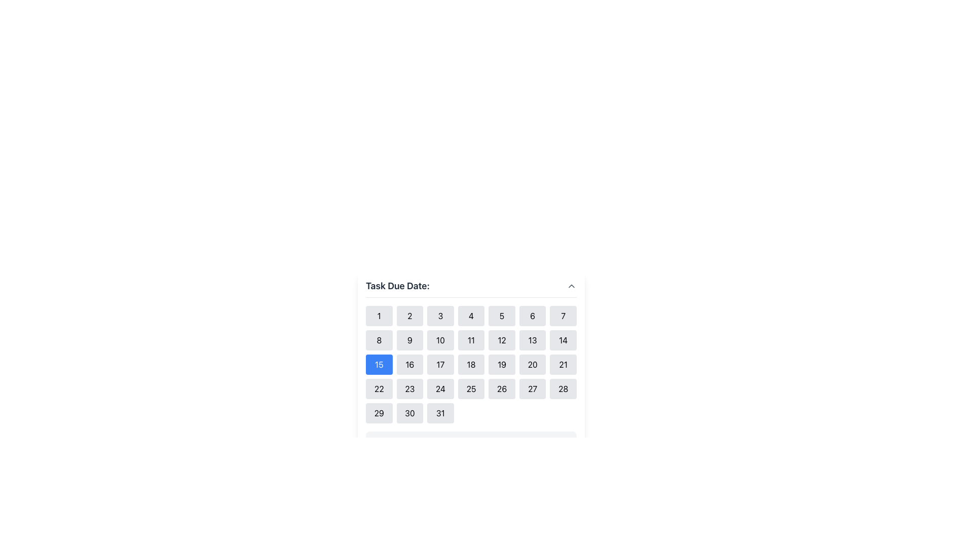  Describe the element at coordinates (471, 365) in the screenshot. I see `the calendar day button displaying the numeral '18'` at that location.